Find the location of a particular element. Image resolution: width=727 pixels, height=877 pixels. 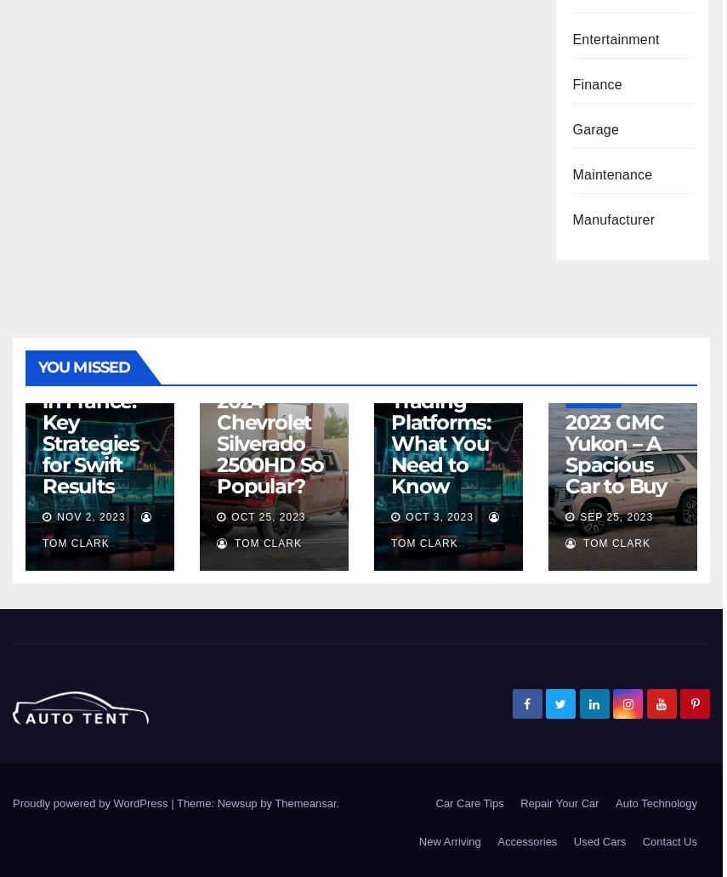

'Car Care Tips' is located at coordinates (434, 802).